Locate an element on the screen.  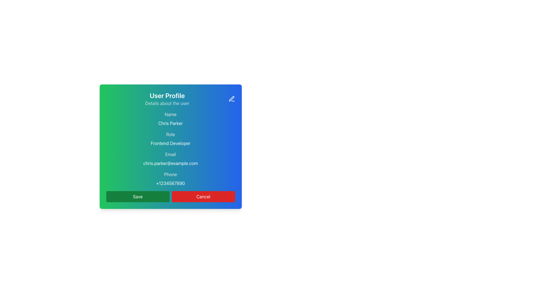
the 'Save' button with a green background and white text, located at the bottom of the modal dialog, to change its appearance is located at coordinates (138, 196).